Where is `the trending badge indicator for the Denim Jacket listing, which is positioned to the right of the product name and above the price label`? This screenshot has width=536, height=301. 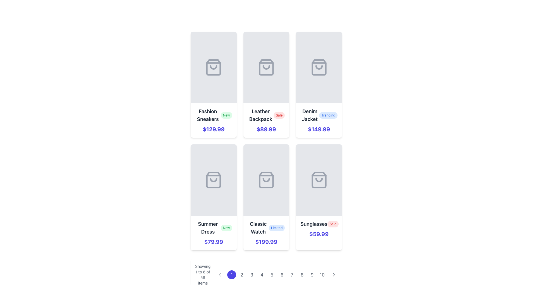
the trending badge indicator for the Denim Jacket listing, which is positioned to the right of the product name and above the price label is located at coordinates (328, 115).